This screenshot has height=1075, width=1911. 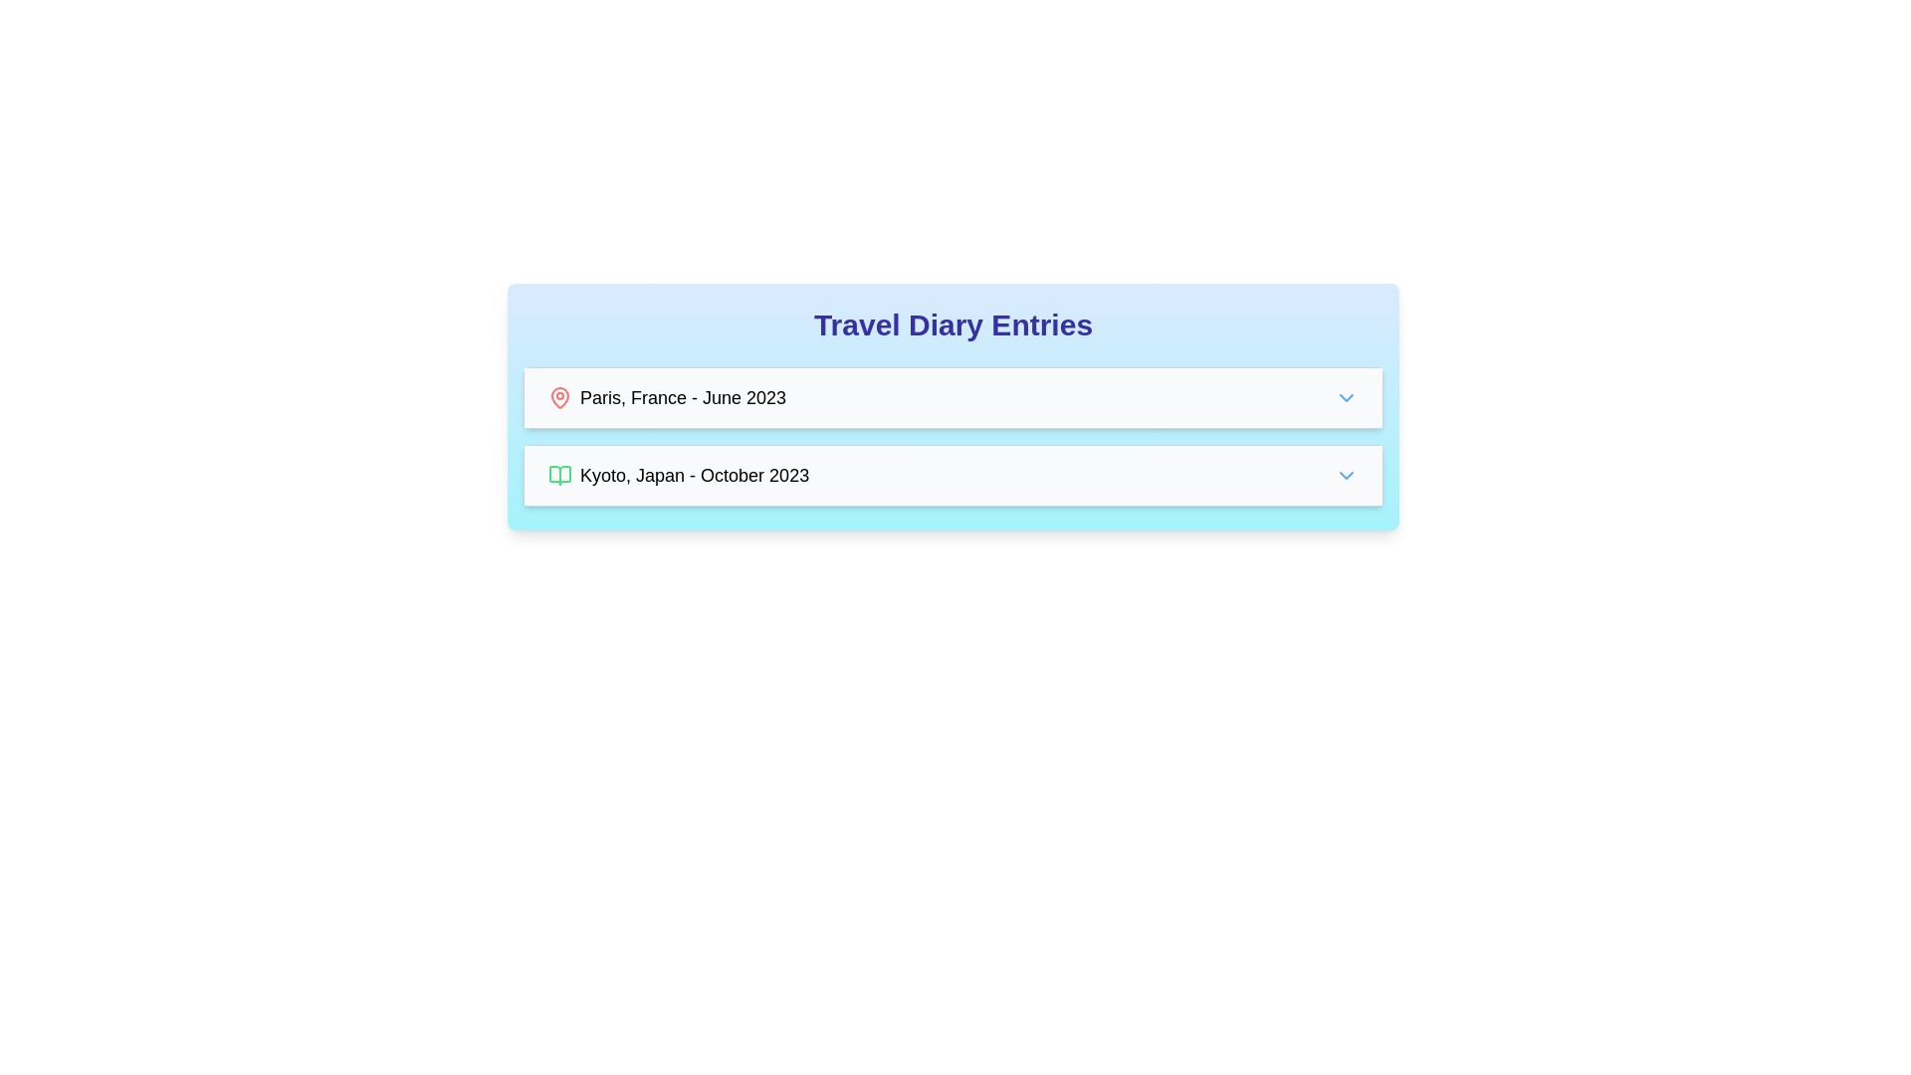 I want to click on the open book icon with a green outline located to the left of the 'Kyoto, Japan - October 2023' label, so click(x=558, y=476).